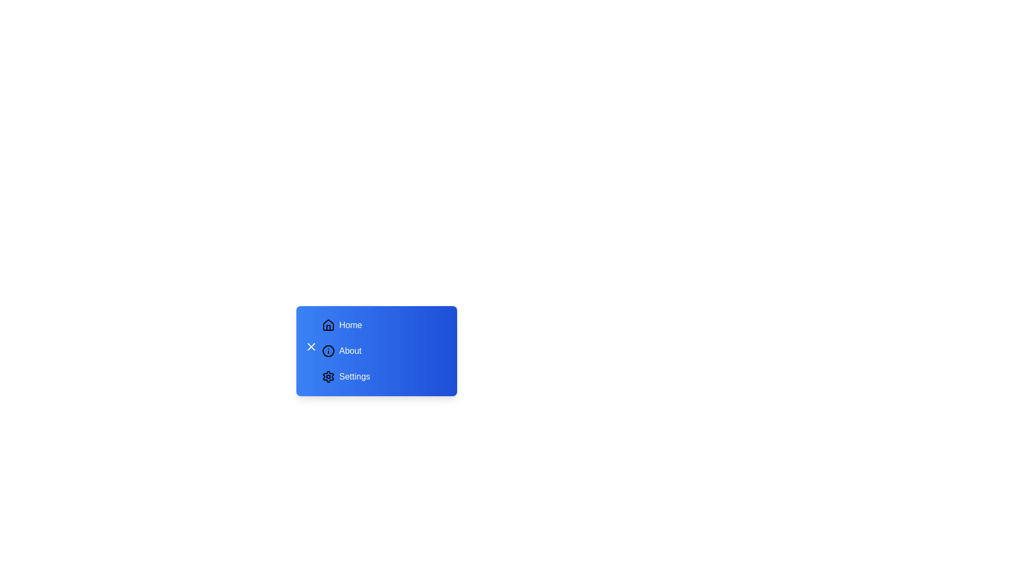  Describe the element at coordinates (383, 351) in the screenshot. I see `the menu item labeled About` at that location.